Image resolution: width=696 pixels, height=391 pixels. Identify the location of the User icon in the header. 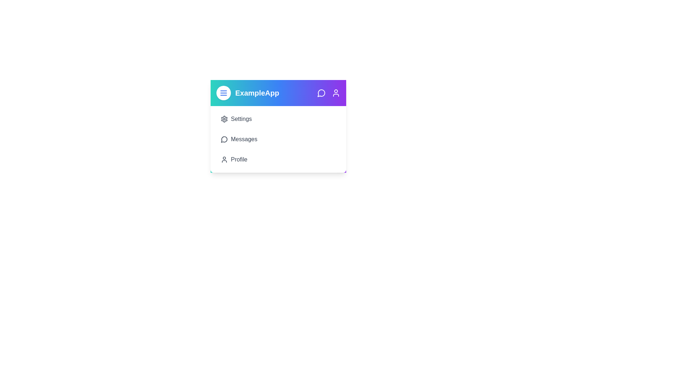
(335, 93).